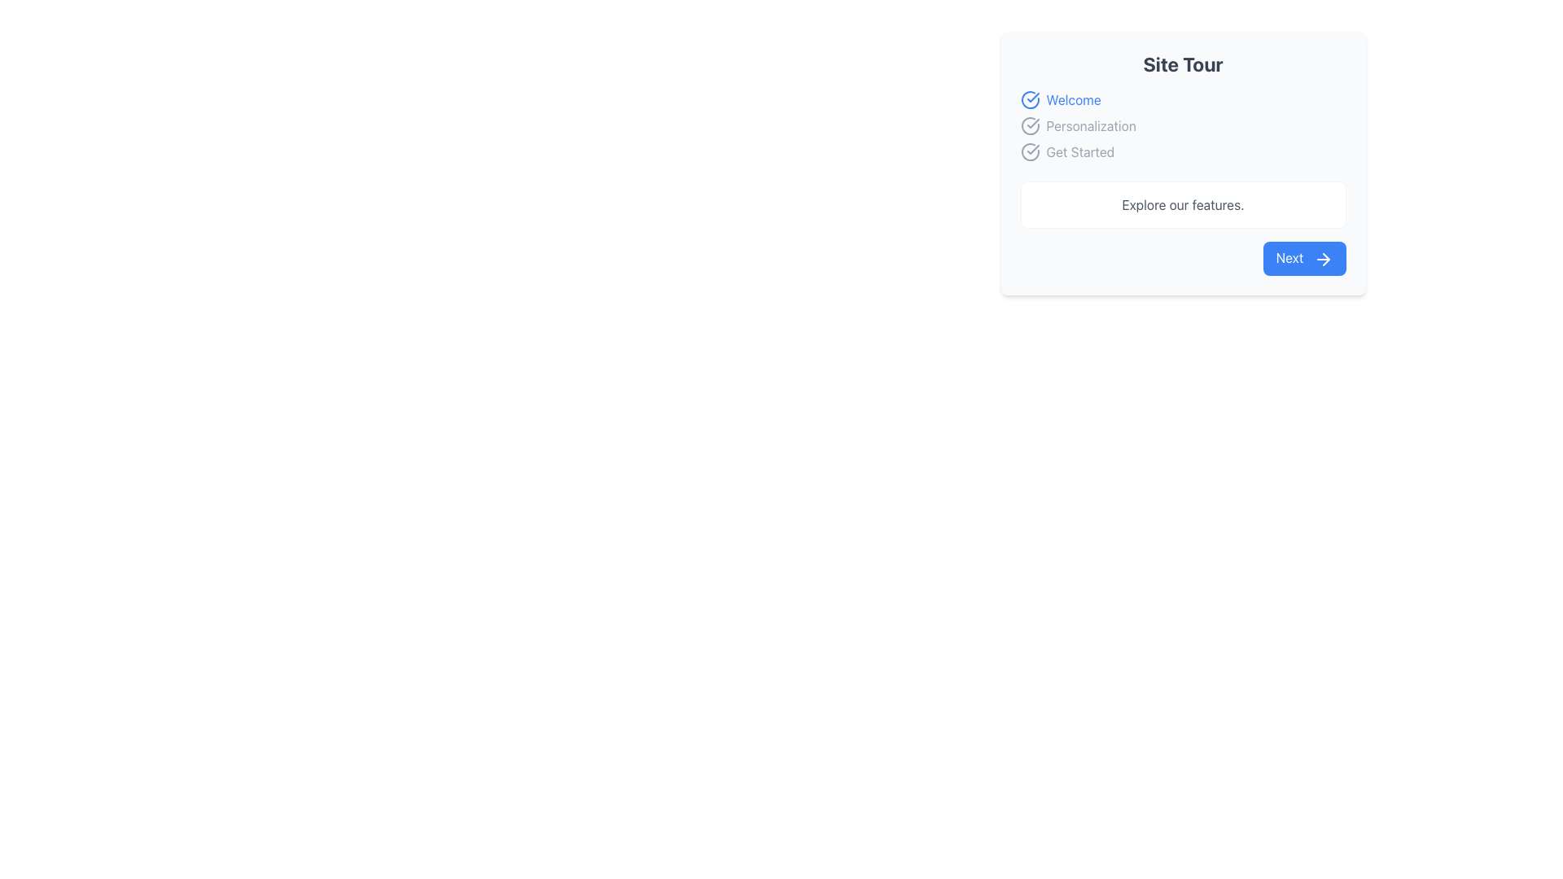  I want to click on the appearance of the Icon indicating the 'Personalization' step in the step-by-step guide interface for status indication, so click(1029, 125).